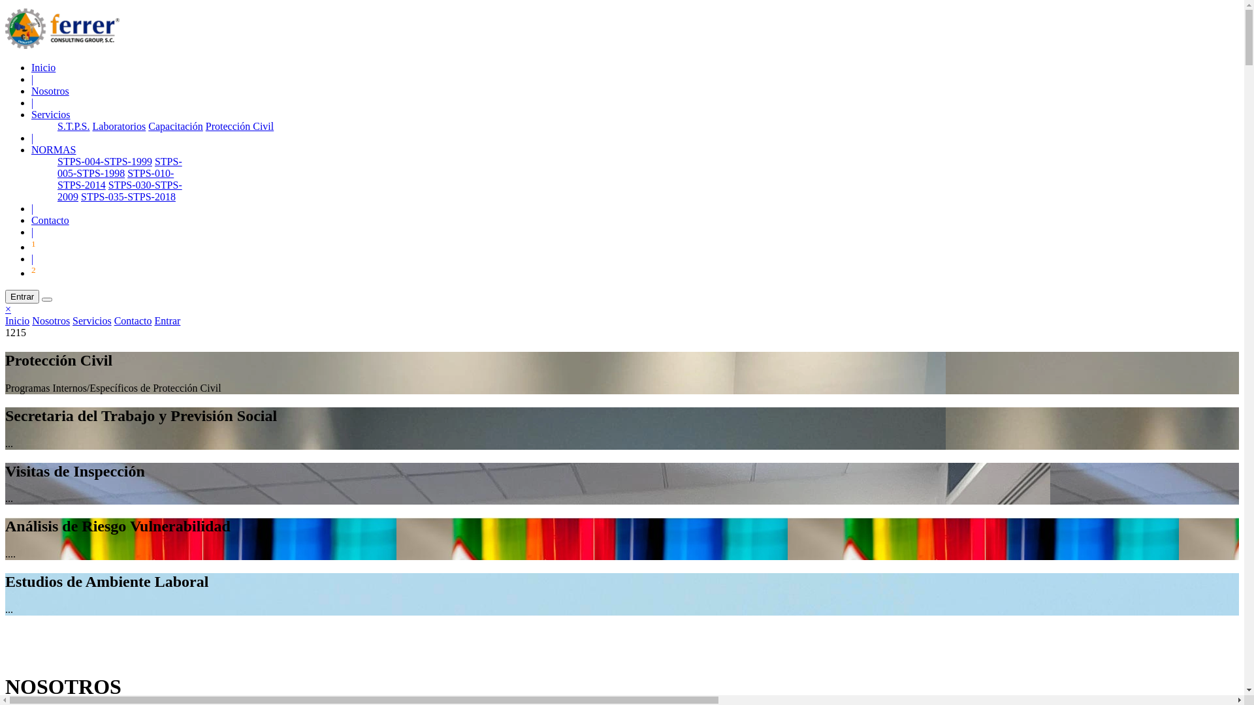 The height and width of the screenshot is (705, 1254). I want to click on 'STPS-005-STPS-1998', so click(120, 166).